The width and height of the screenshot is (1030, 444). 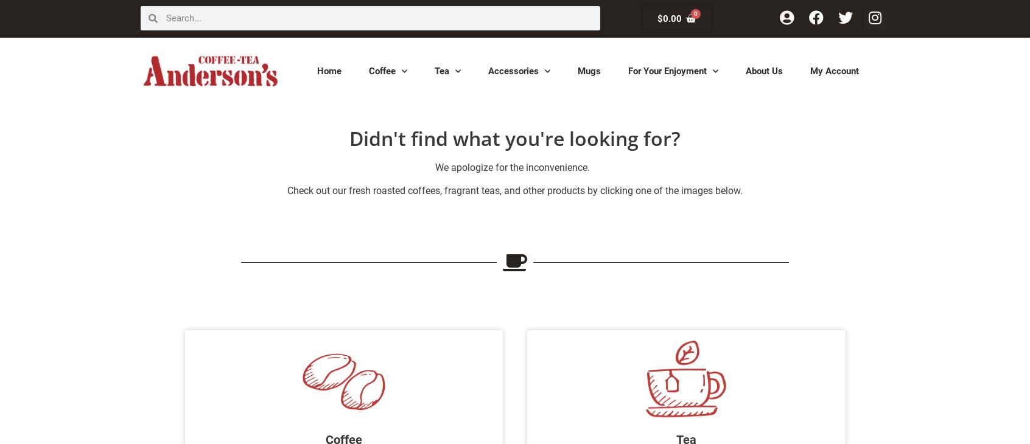 What do you see at coordinates (441, 69) in the screenshot?
I see `'Tea'` at bounding box center [441, 69].